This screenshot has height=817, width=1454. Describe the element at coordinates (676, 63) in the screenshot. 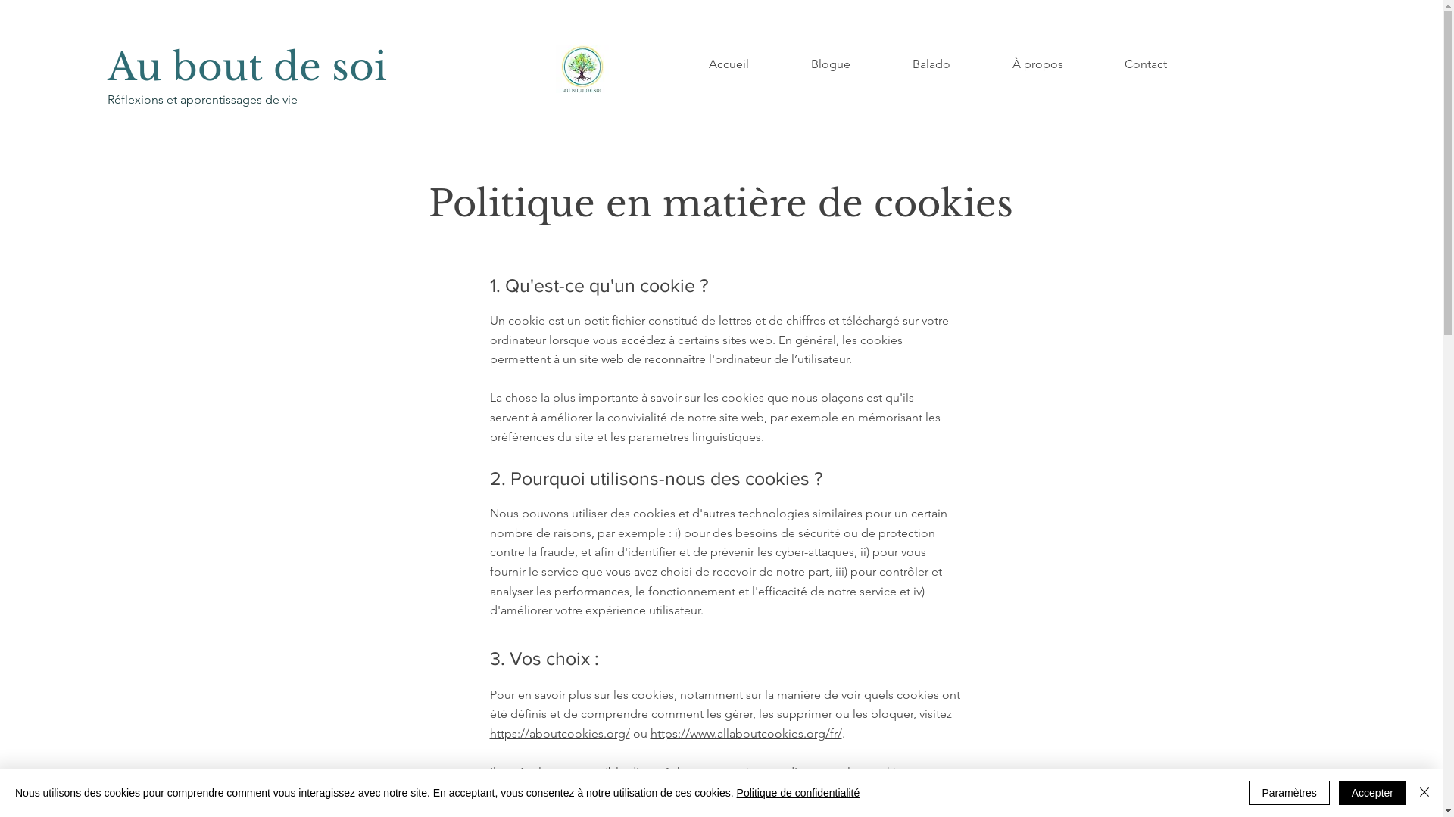

I see `'Accueil'` at that location.